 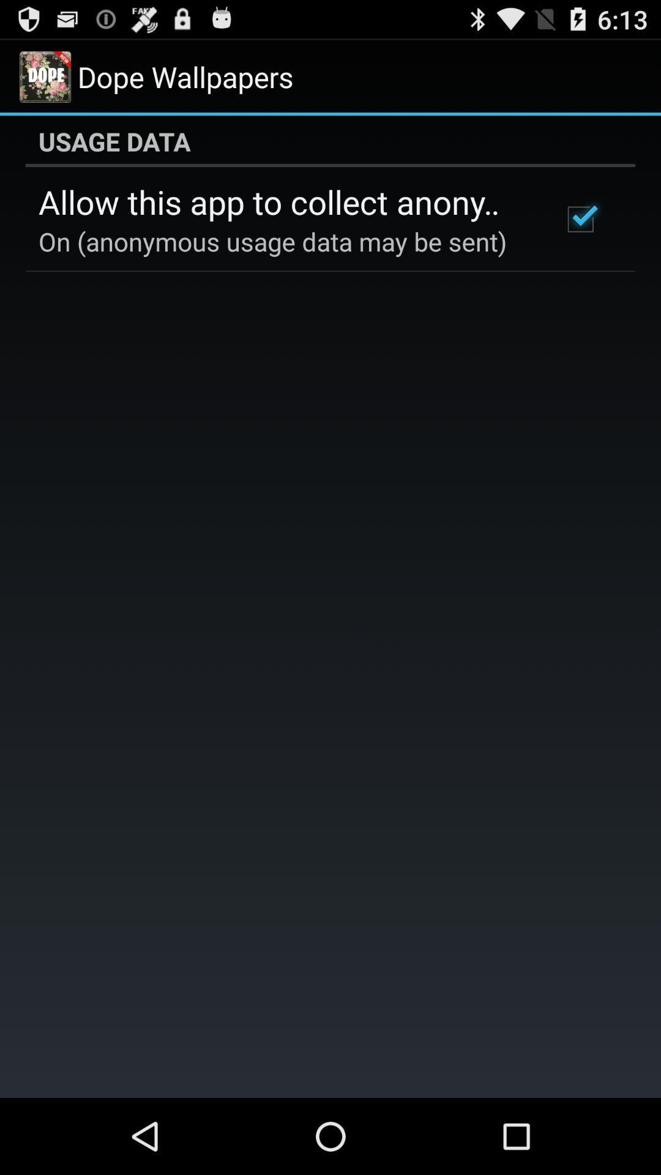 I want to click on the icon above the on anonymous usage icon, so click(x=283, y=201).